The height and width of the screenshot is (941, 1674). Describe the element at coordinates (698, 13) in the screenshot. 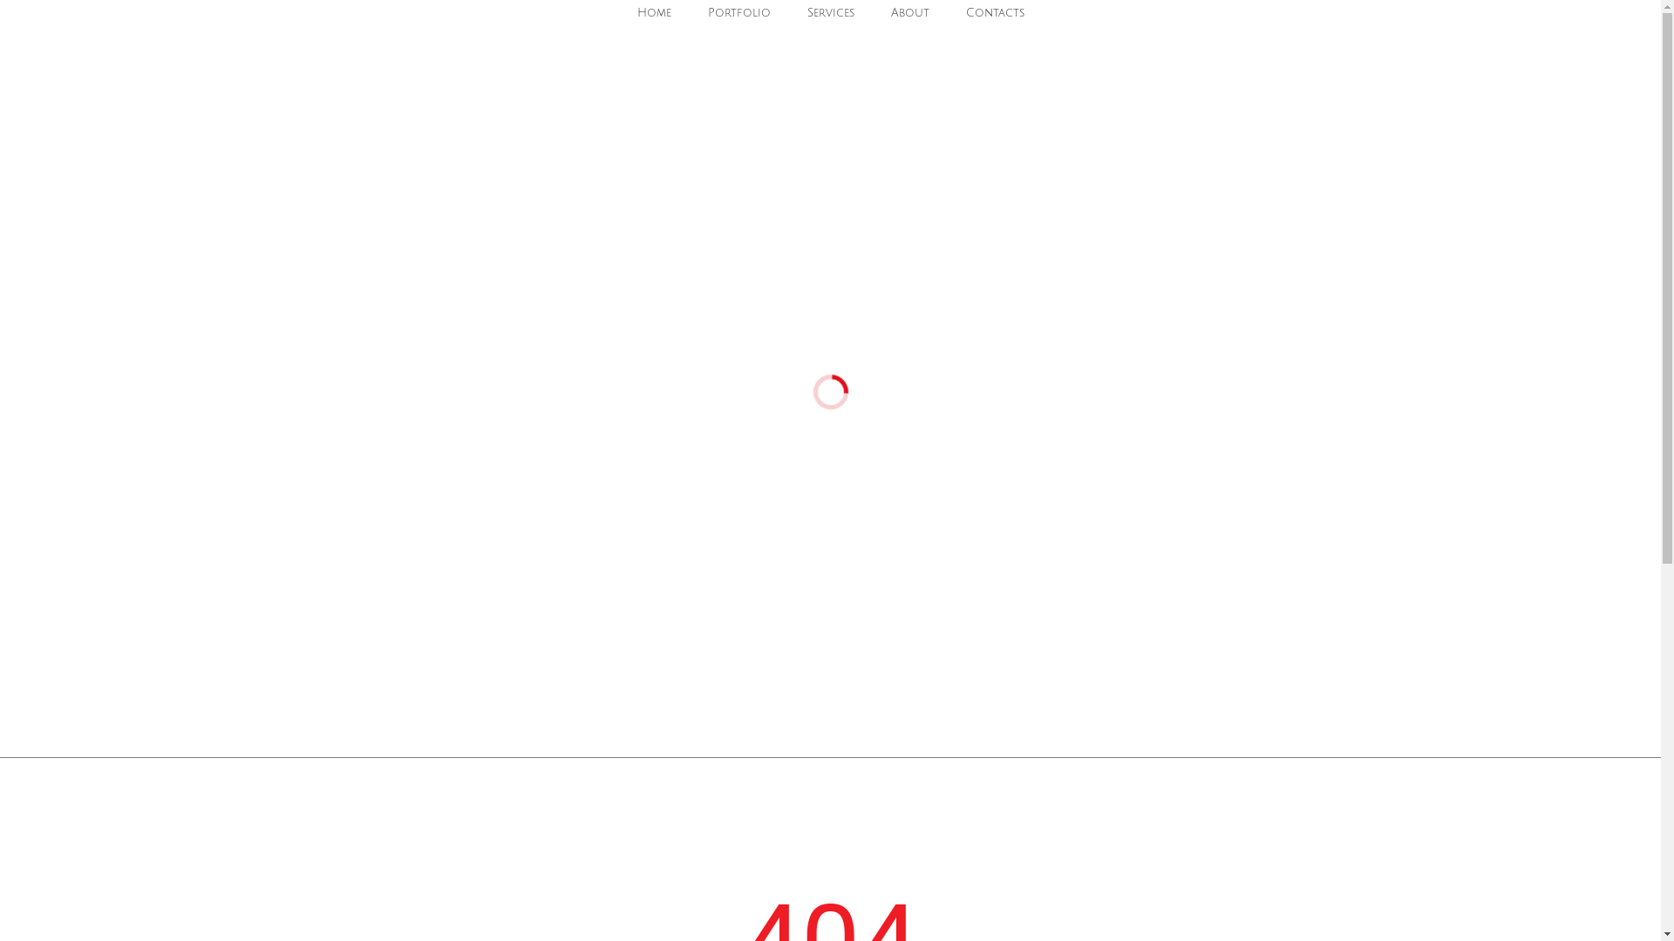

I see `'Portfolio'` at that location.